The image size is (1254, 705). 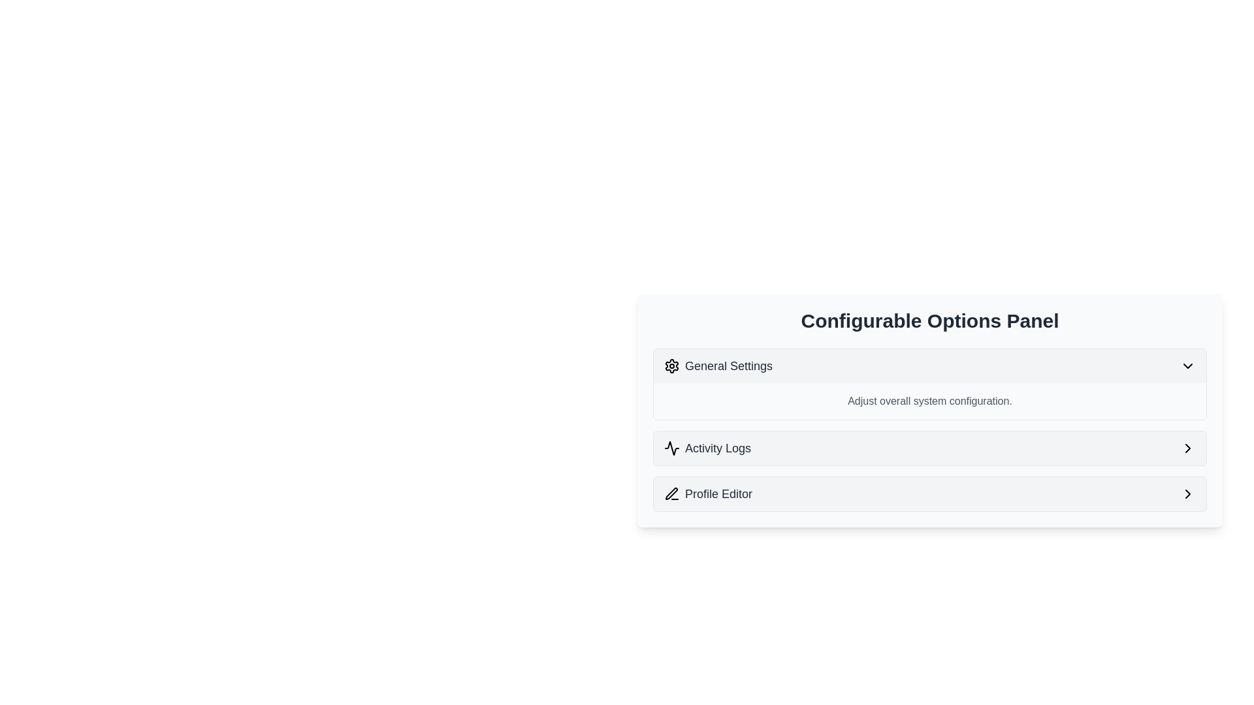 What do you see at coordinates (1188, 493) in the screenshot?
I see `the rightward-facing chevron icon located in the 'Profile Editor' section of the Configurable Options Panel` at bounding box center [1188, 493].